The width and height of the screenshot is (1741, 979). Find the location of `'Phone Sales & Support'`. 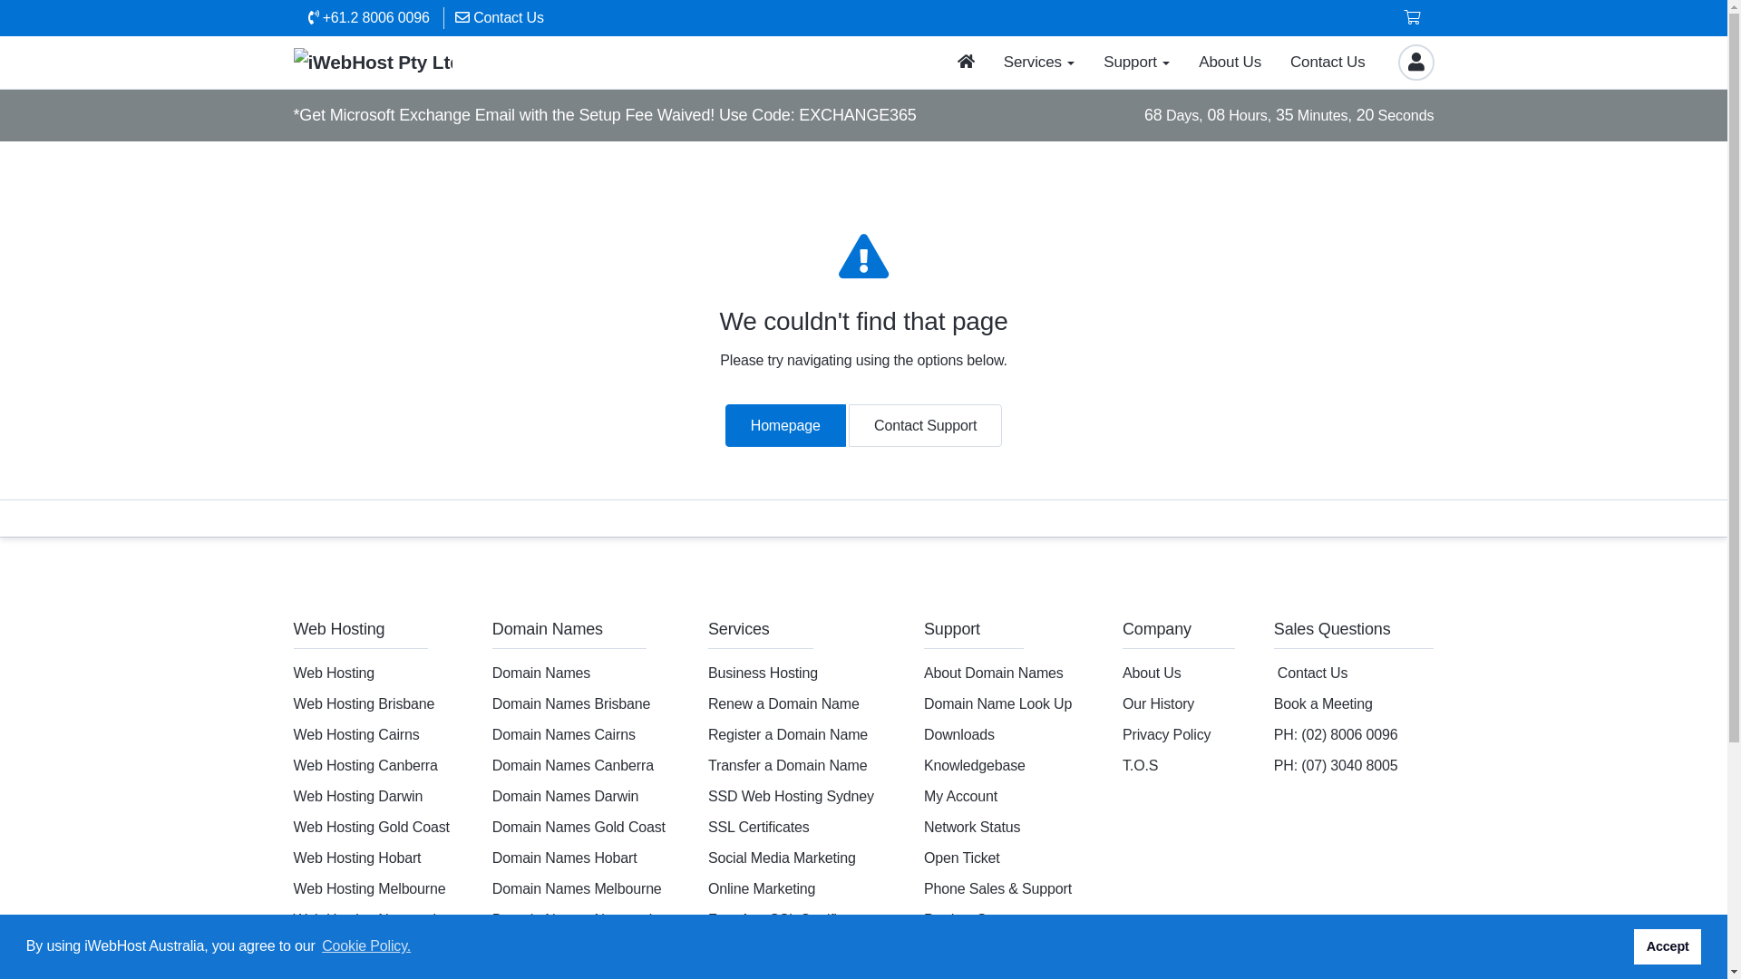

'Phone Sales & Support' is located at coordinates (923, 887).